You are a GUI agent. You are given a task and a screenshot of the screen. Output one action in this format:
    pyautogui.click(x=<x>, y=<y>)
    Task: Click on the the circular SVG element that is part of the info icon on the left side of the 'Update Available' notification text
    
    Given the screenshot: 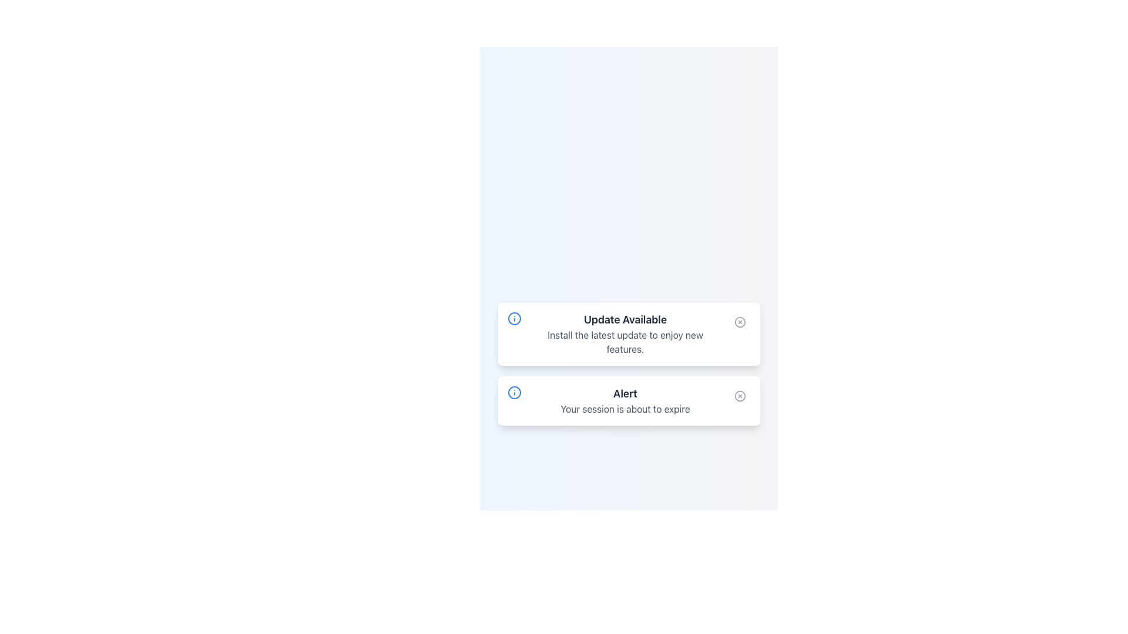 What is the action you would take?
    pyautogui.click(x=514, y=319)
    